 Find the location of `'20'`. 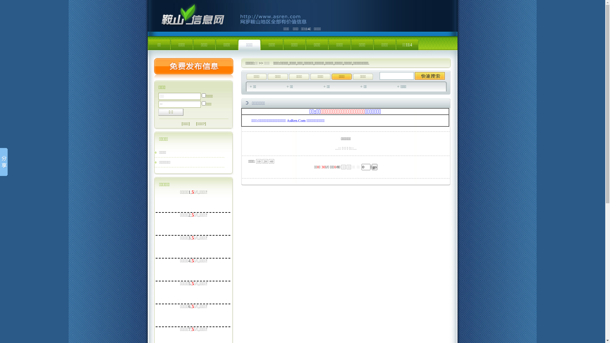

'20' is located at coordinates (262, 161).